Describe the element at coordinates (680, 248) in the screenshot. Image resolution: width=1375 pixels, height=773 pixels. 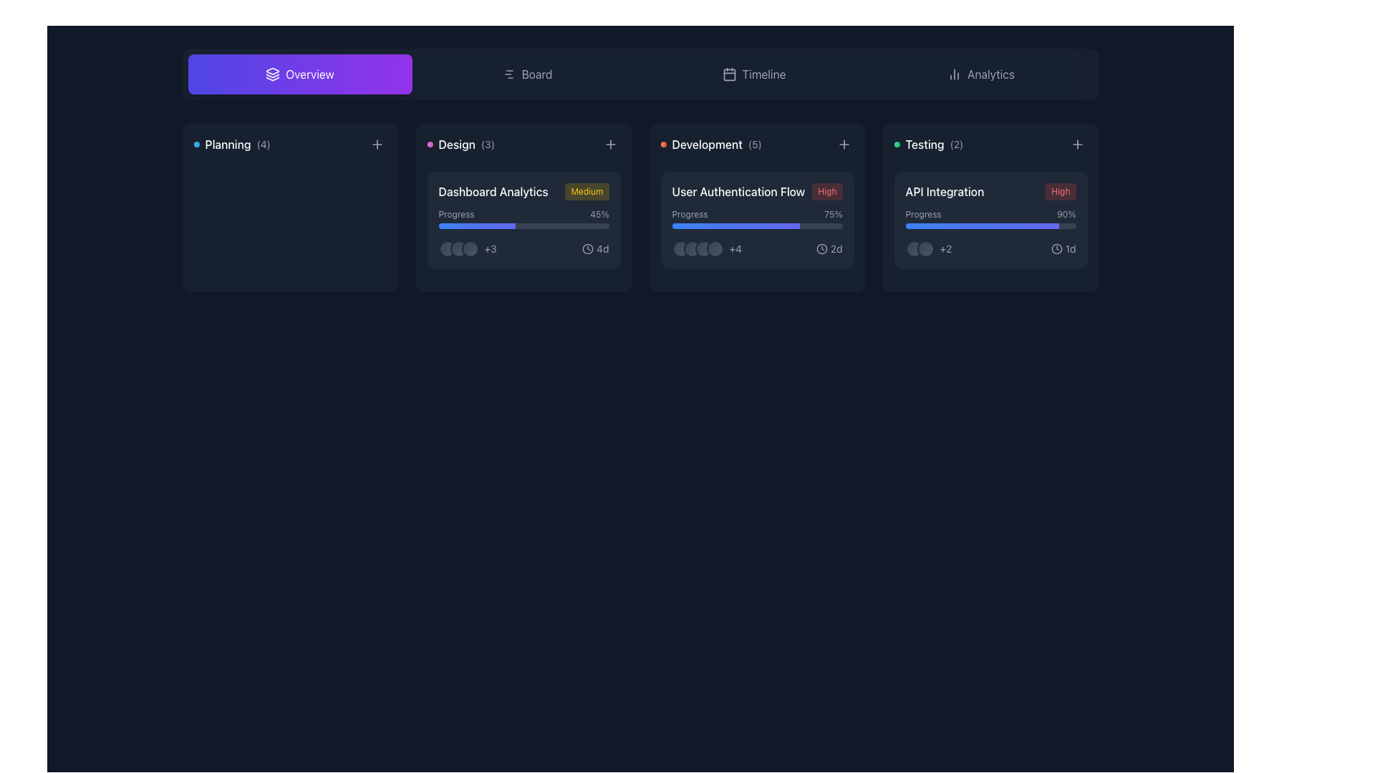
I see `the Circular Indicator located in the 'Development' section of the dashboard, which serves as a visual avatar representation and is the first element in a row of four similar circular elements` at that location.